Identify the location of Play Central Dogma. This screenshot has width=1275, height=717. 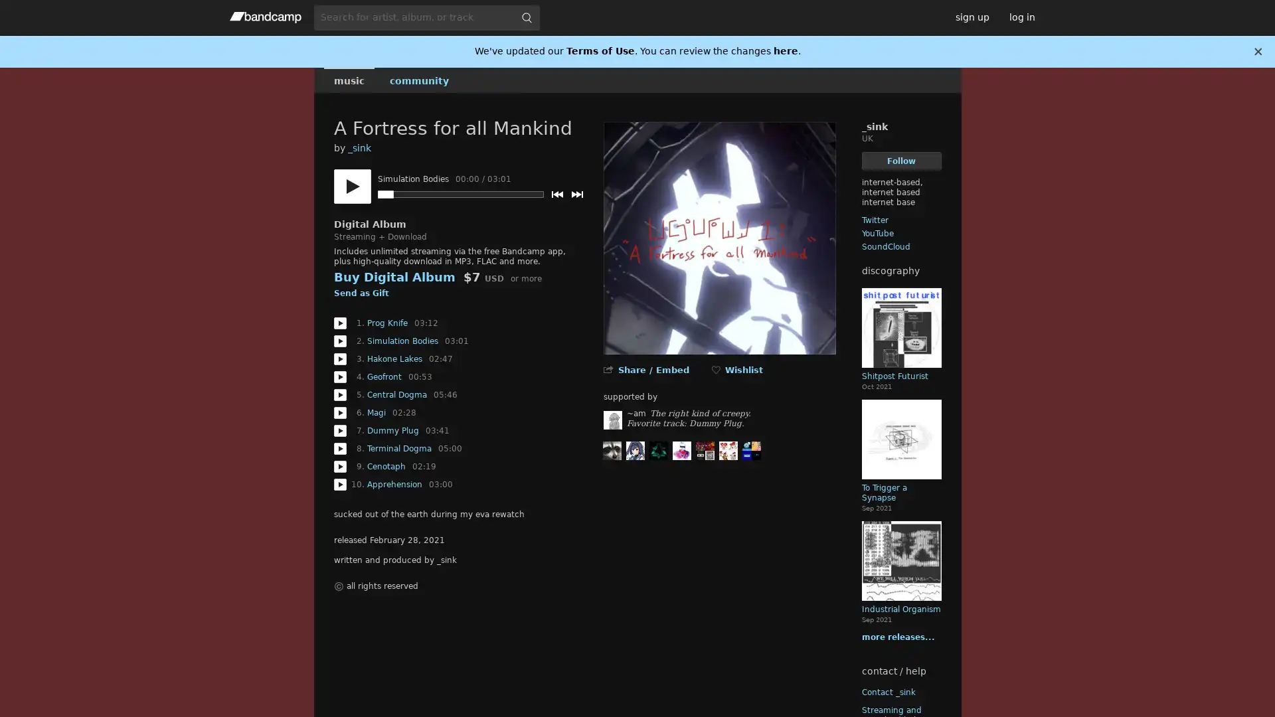
(339, 394).